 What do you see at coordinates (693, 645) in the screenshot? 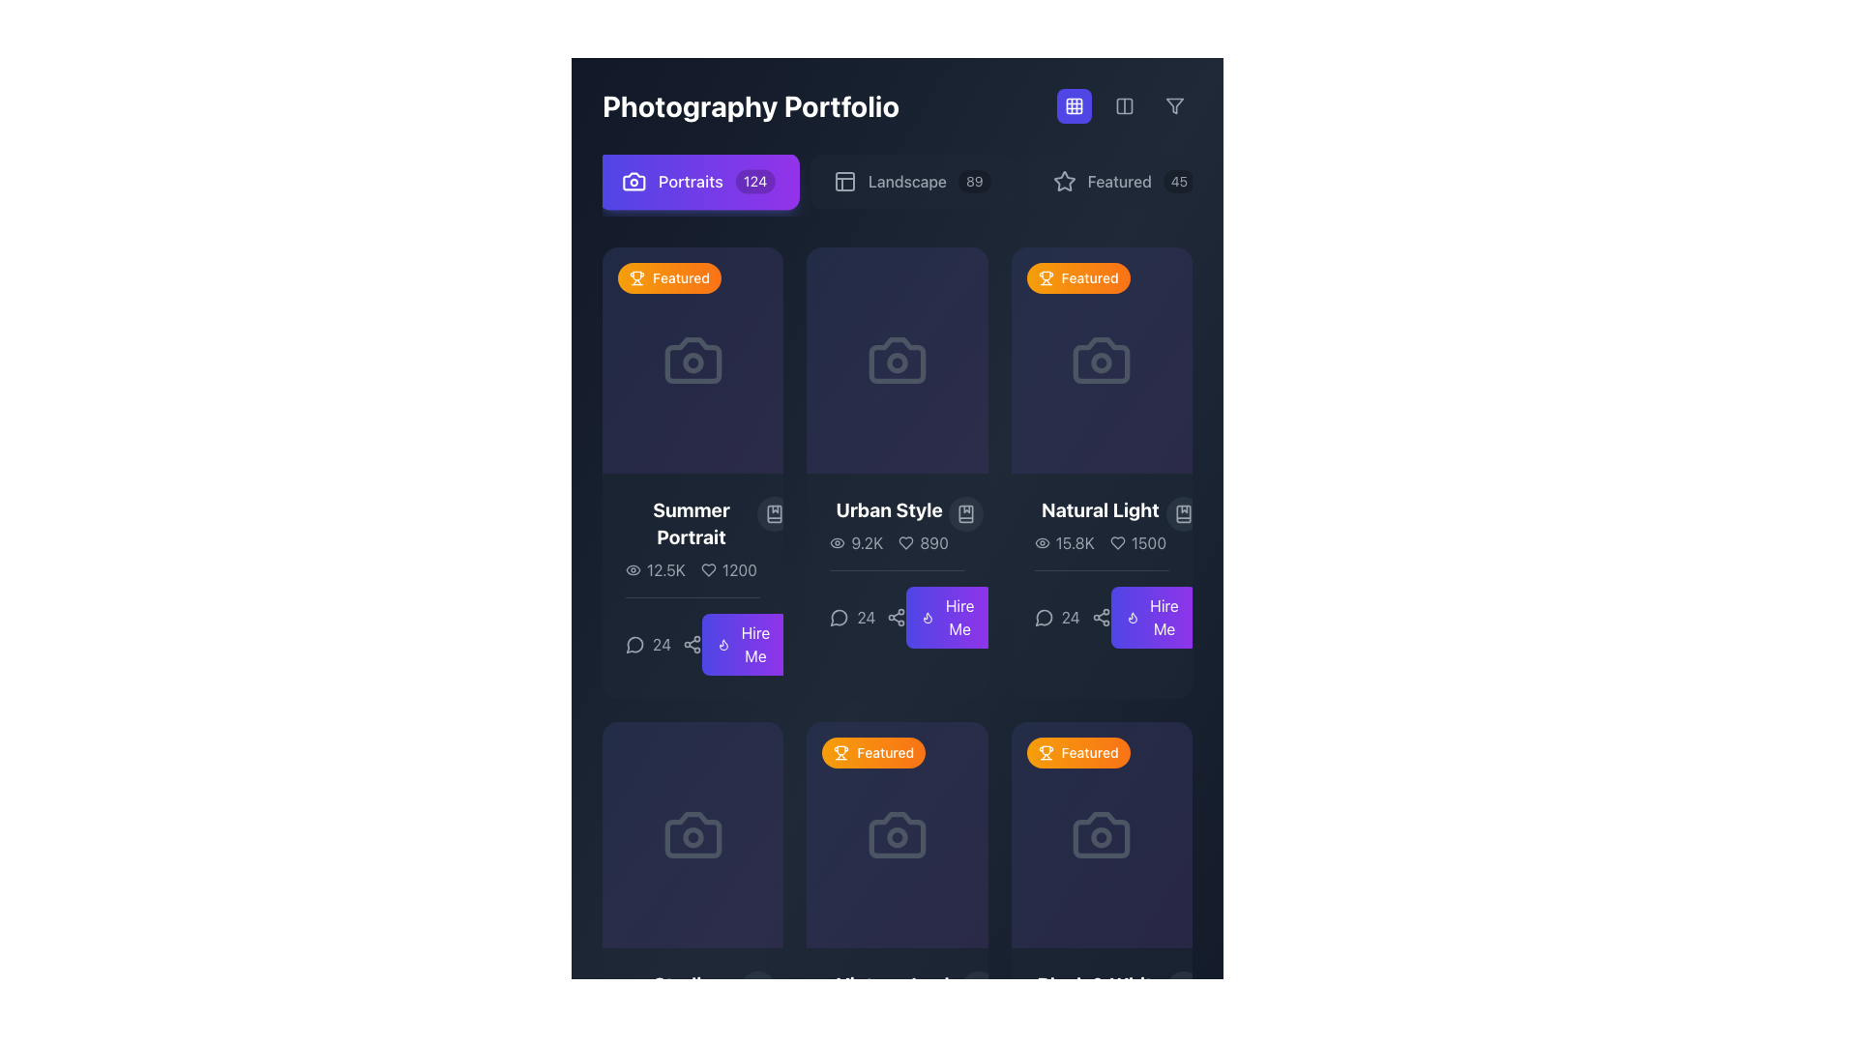
I see `the small icon button resembling a share symbol, located to the right of the numeric value '24'` at bounding box center [693, 645].